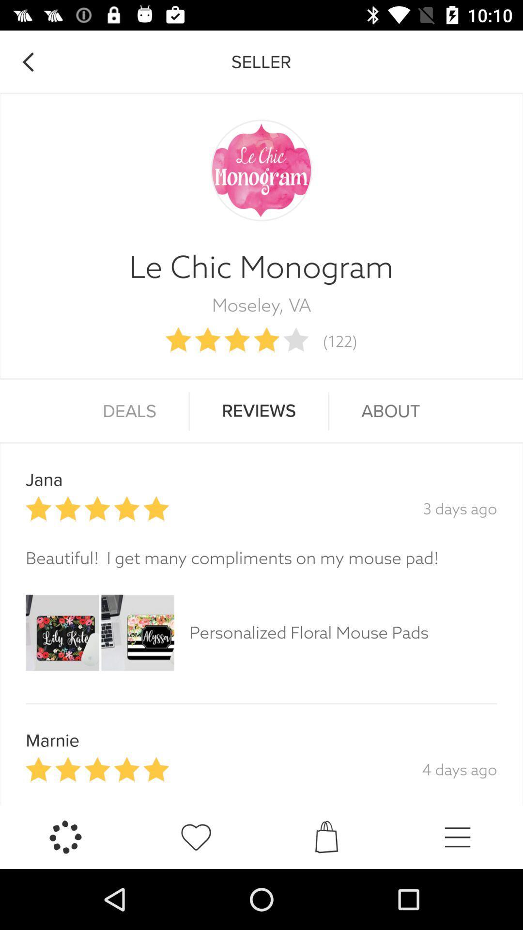 The height and width of the screenshot is (930, 523). What do you see at coordinates (129, 411) in the screenshot?
I see `deals` at bounding box center [129, 411].